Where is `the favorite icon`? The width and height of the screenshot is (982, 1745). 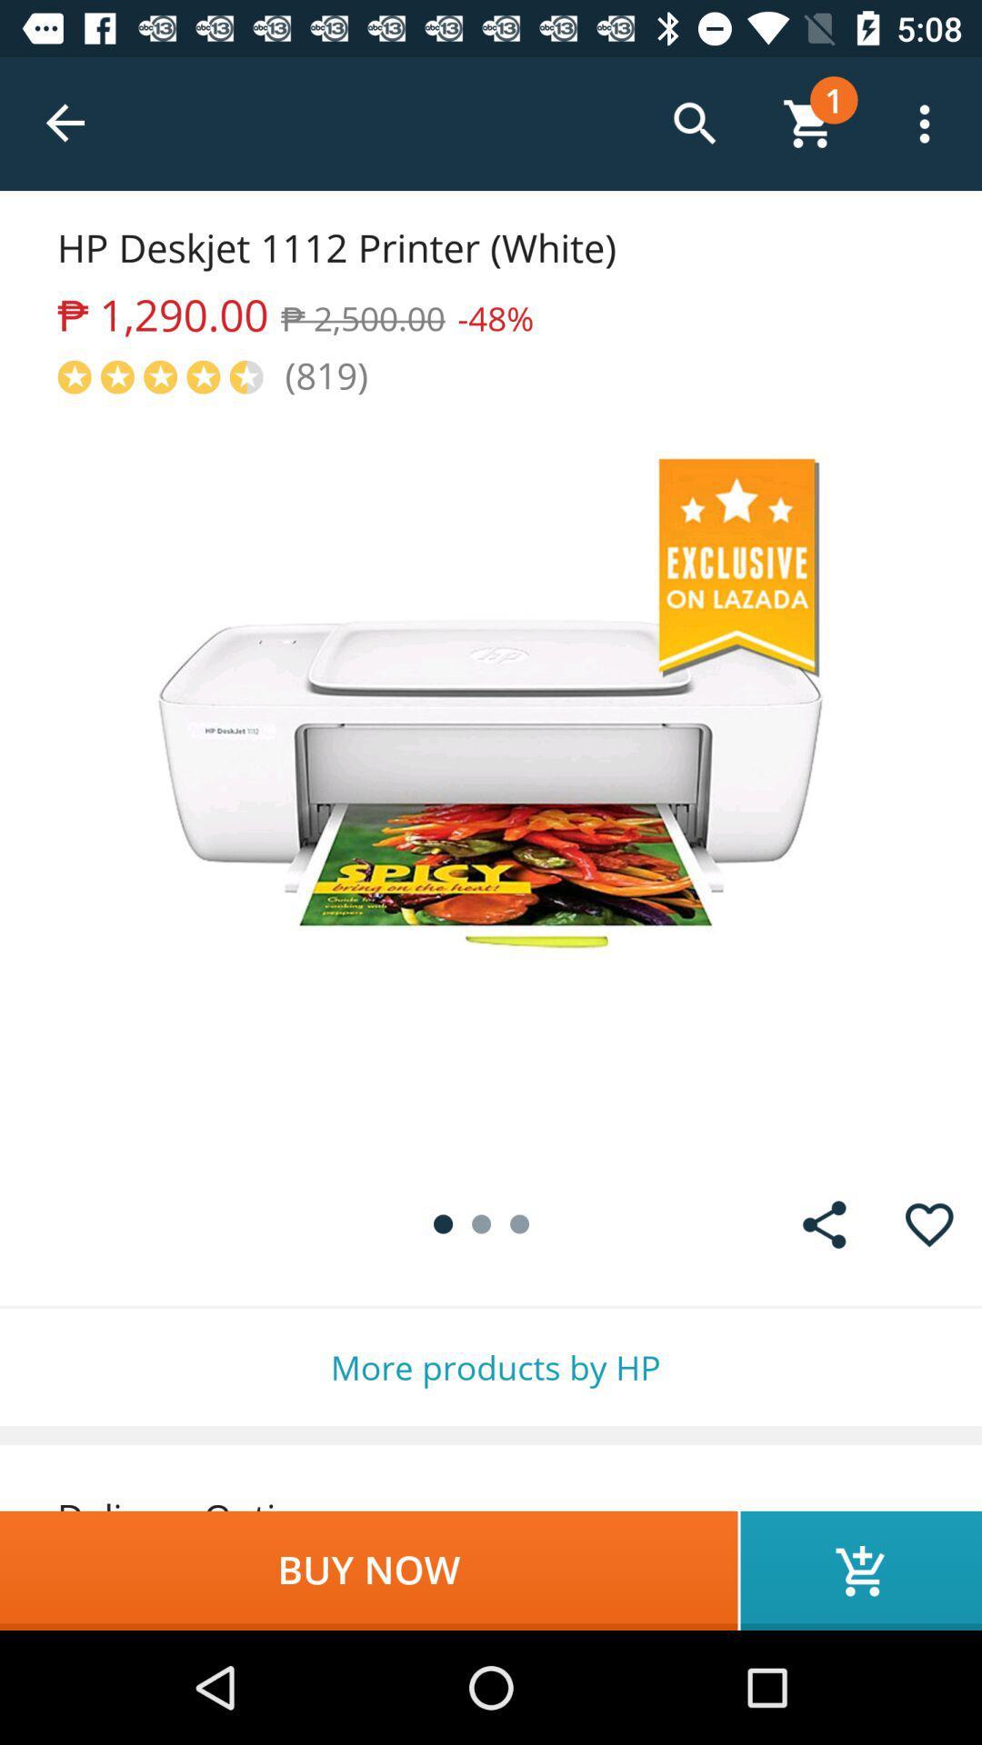 the favorite icon is located at coordinates (929, 1224).